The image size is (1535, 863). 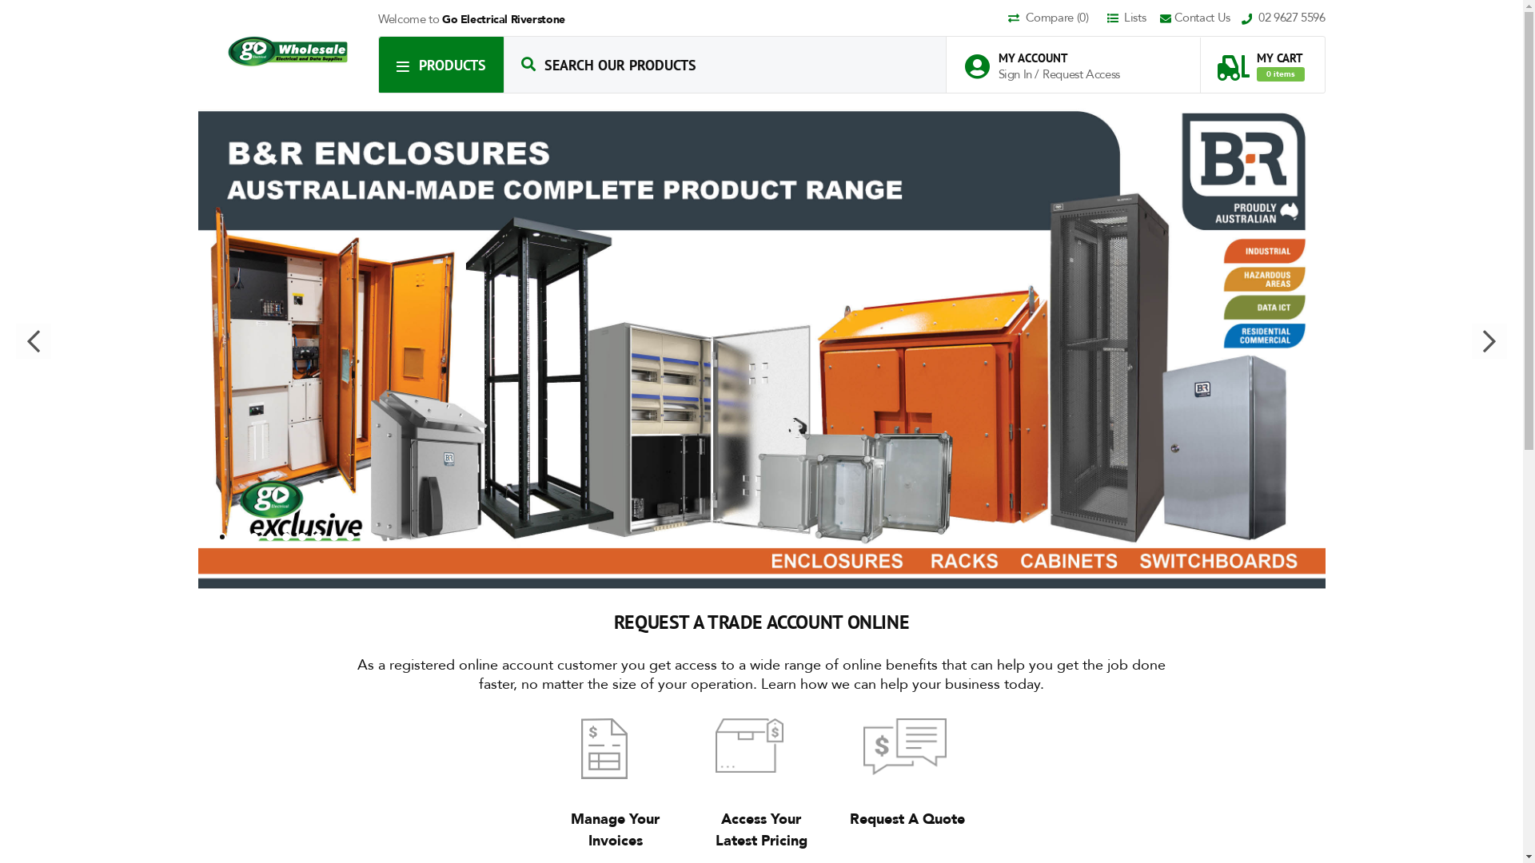 What do you see at coordinates (997, 74) in the screenshot?
I see `'Sign In'` at bounding box center [997, 74].